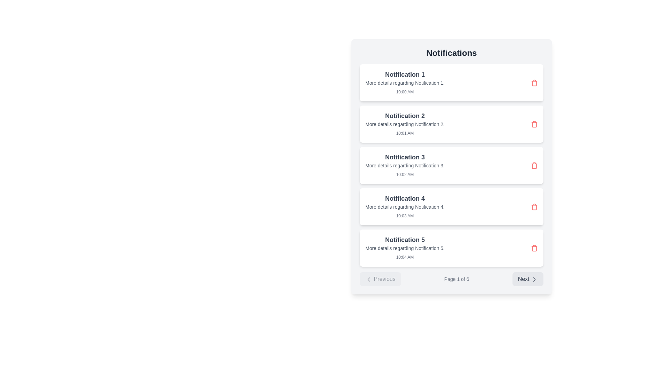 This screenshot has height=375, width=668. Describe the element at coordinates (405, 116) in the screenshot. I see `the text label displaying 'Notification 2', which is the main title of the second notification card in the vertical list of notifications` at that location.